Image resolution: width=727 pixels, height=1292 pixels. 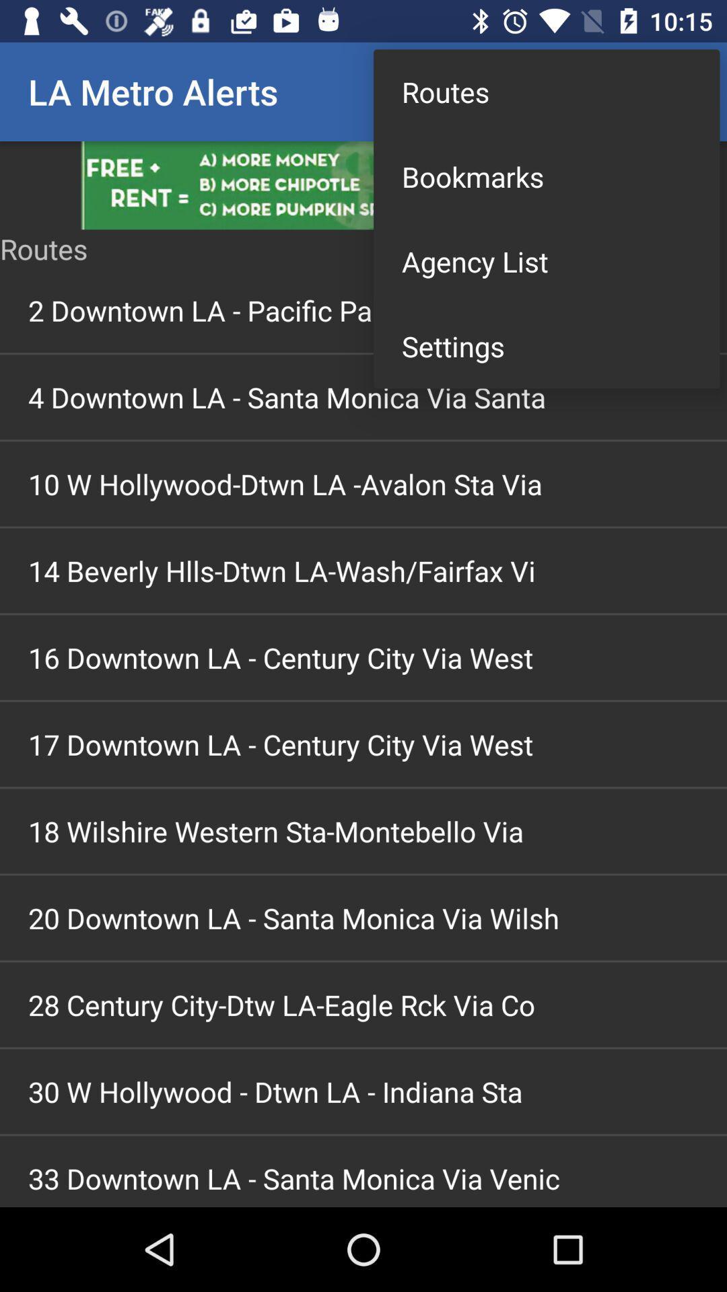 I want to click on advertisement, so click(x=363, y=184).